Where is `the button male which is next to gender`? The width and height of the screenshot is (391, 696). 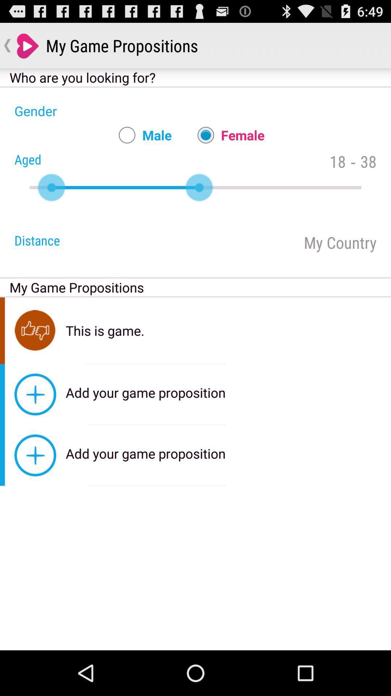 the button male which is next to gender is located at coordinates (142, 135).